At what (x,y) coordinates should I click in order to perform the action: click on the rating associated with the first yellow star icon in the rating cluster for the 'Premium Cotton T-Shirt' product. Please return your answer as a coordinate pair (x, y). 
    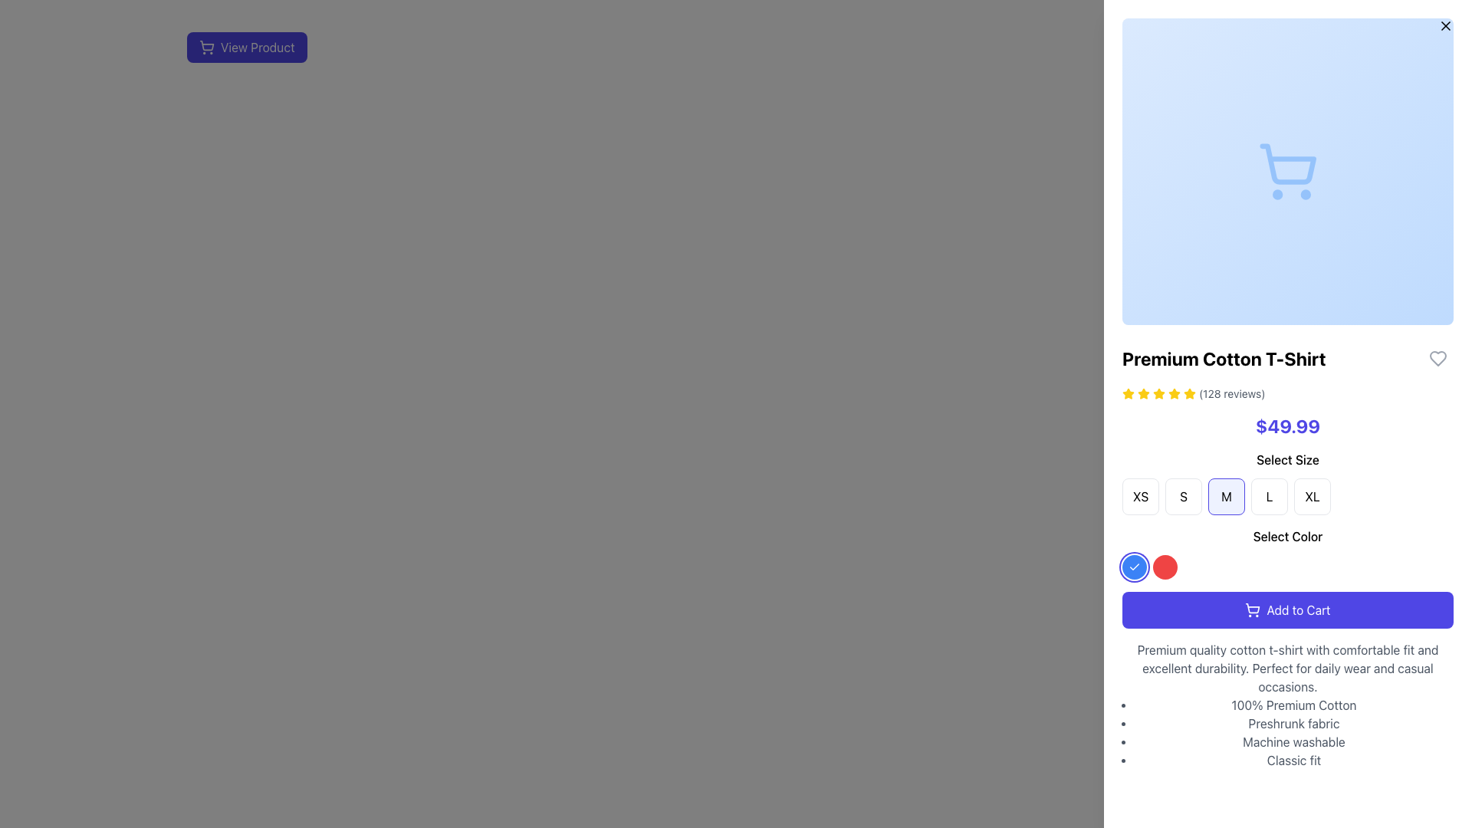
    Looking at the image, I should click on (1188, 393).